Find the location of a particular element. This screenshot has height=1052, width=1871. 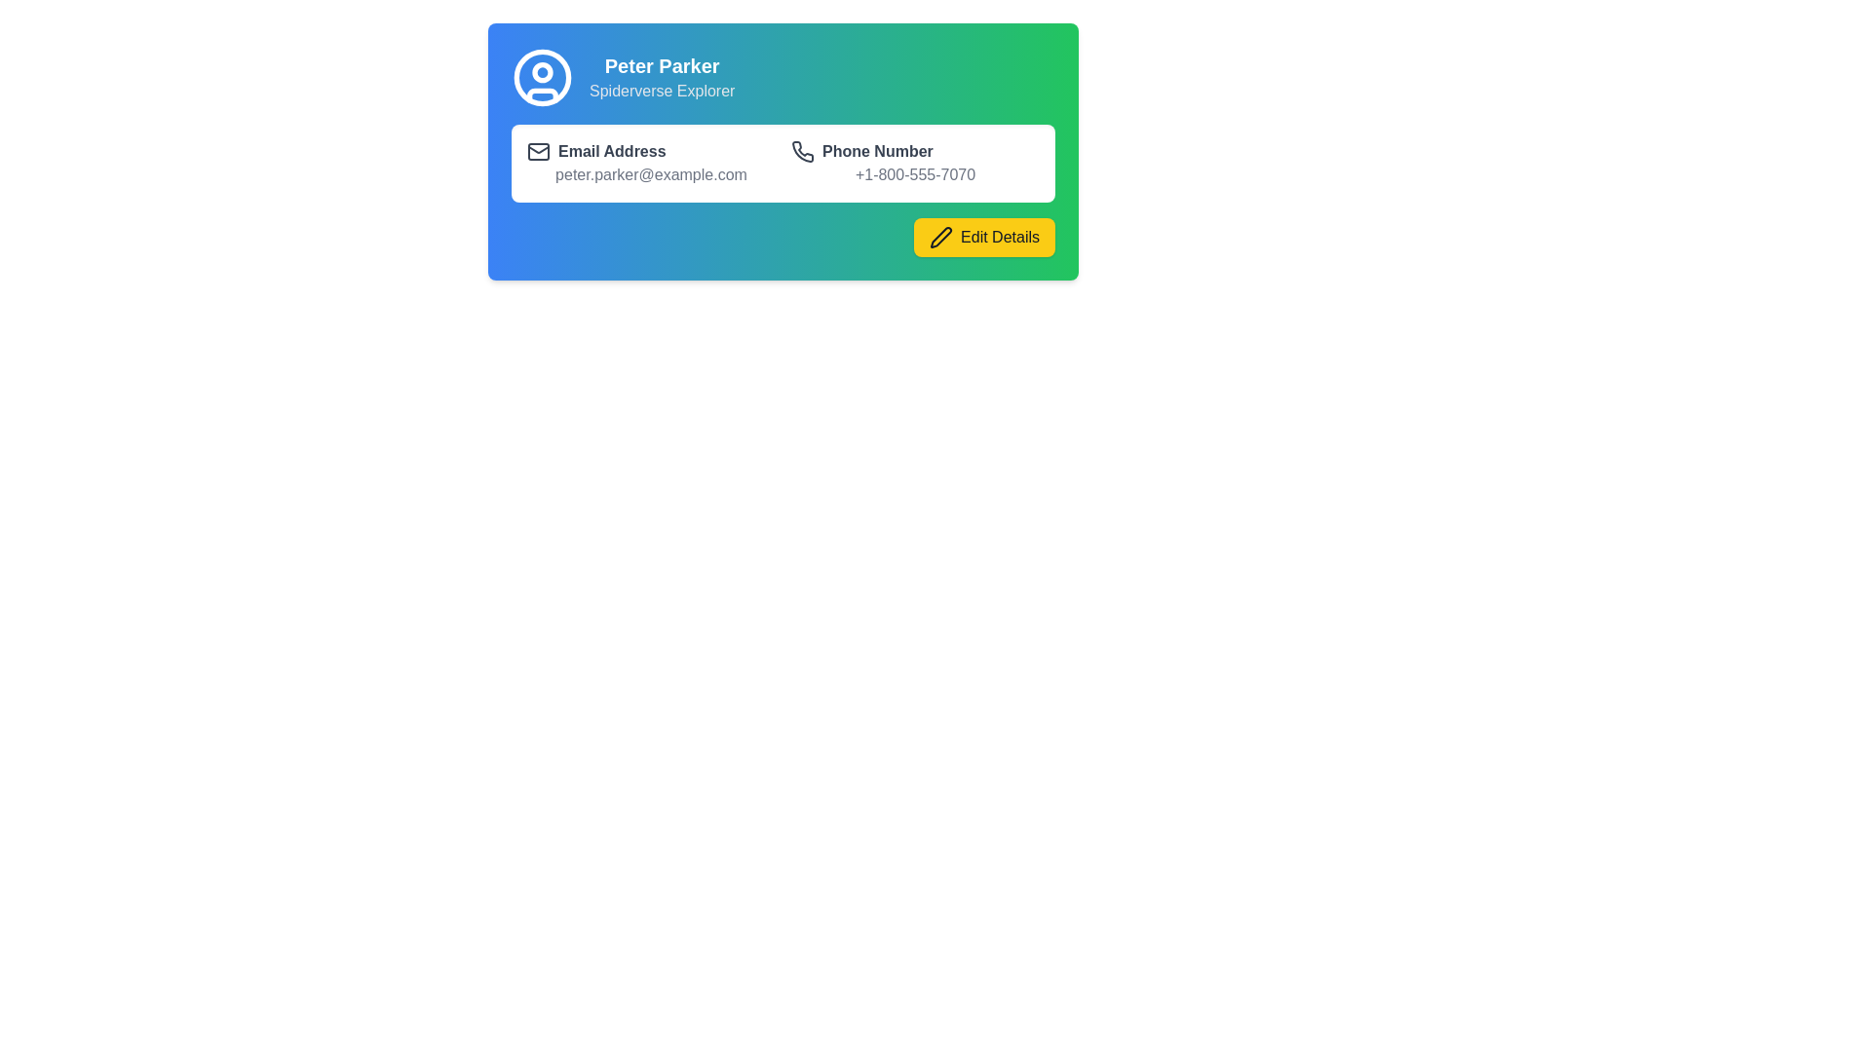

the Profile Header element that displays the user's name and title for accessibility tools is located at coordinates (783, 77).